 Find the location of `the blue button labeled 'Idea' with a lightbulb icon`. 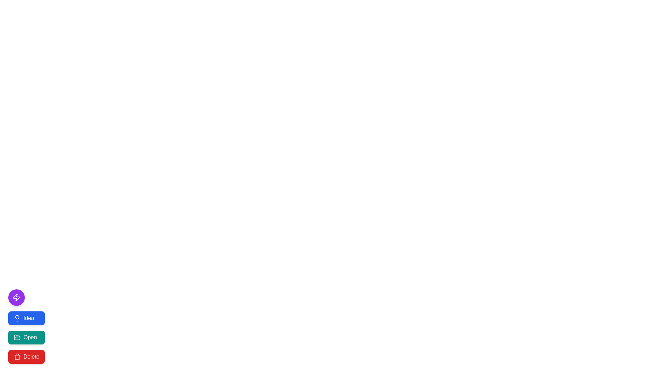

the blue button labeled 'Idea' with a lightbulb icon is located at coordinates (27, 318).